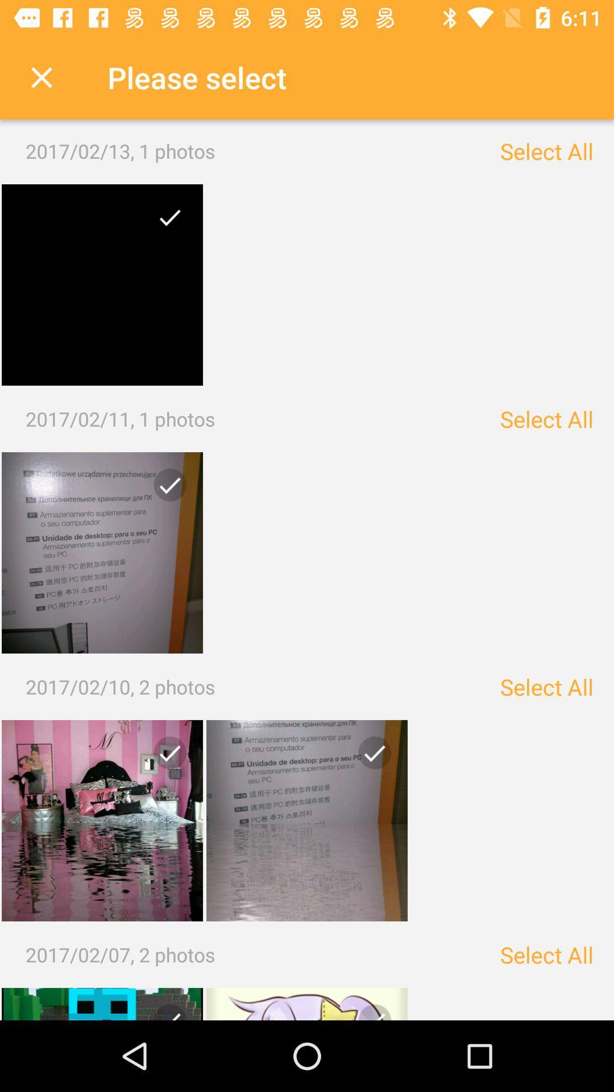 The image size is (614, 1092). Describe the element at coordinates (102, 284) in the screenshot. I see `it is a selected item` at that location.